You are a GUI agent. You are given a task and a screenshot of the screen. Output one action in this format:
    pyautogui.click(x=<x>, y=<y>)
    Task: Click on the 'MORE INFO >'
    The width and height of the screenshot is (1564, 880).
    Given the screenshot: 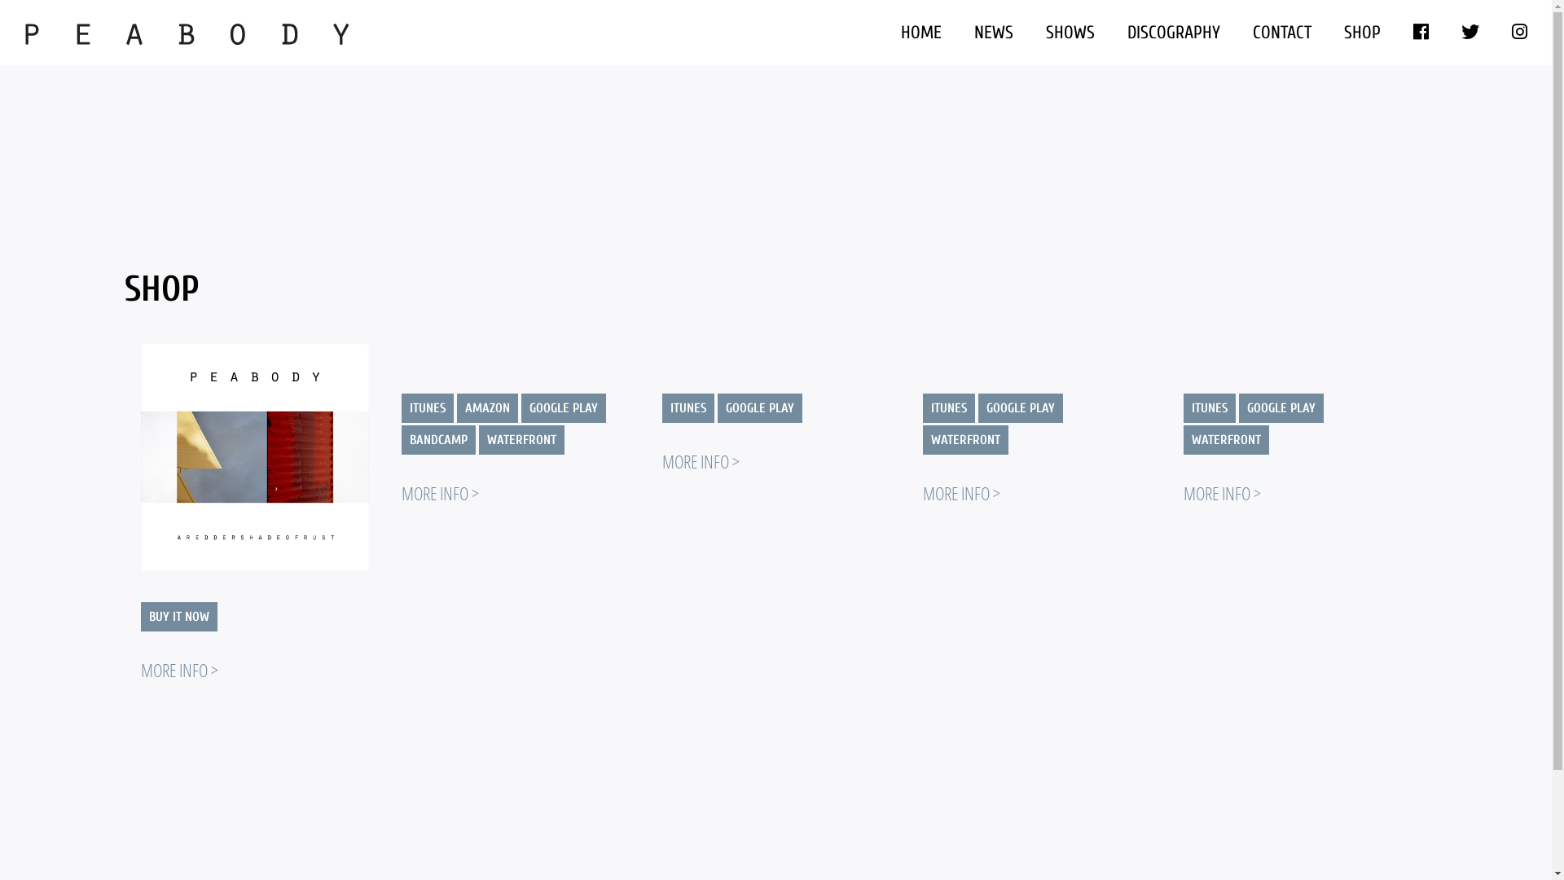 What is the action you would take?
    pyautogui.click(x=661, y=461)
    